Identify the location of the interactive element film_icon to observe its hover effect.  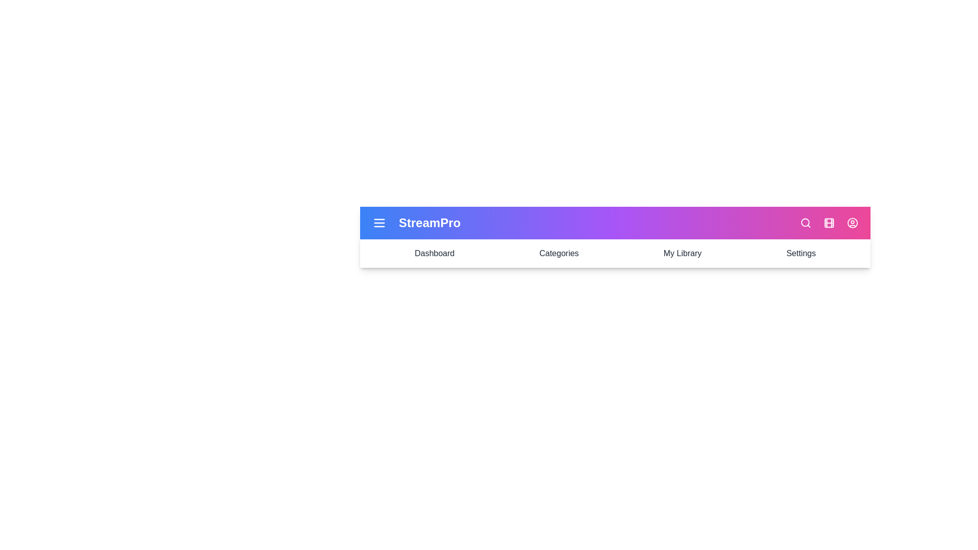
(829, 223).